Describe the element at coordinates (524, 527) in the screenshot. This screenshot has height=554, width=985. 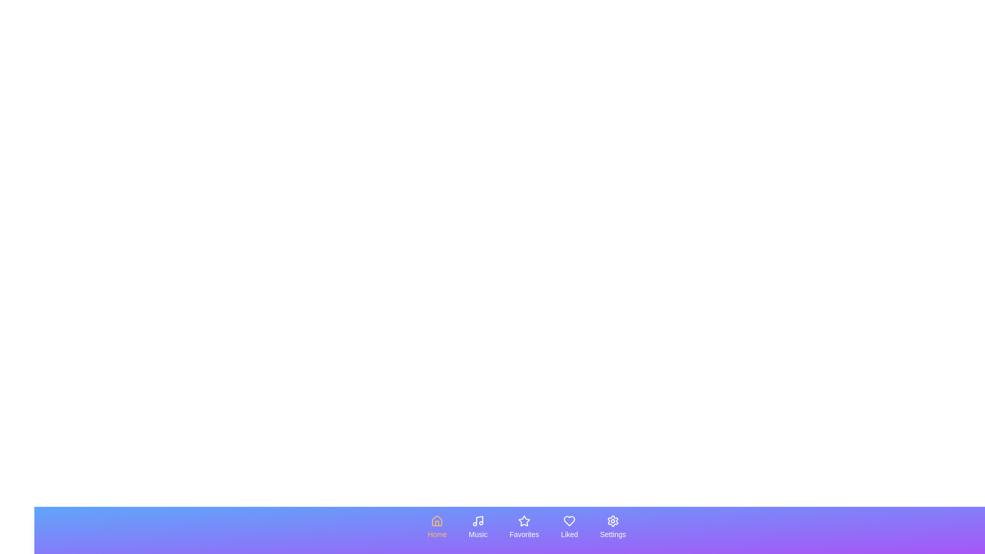
I see `the tab item labeled Favorites to observe its hover effect` at that location.